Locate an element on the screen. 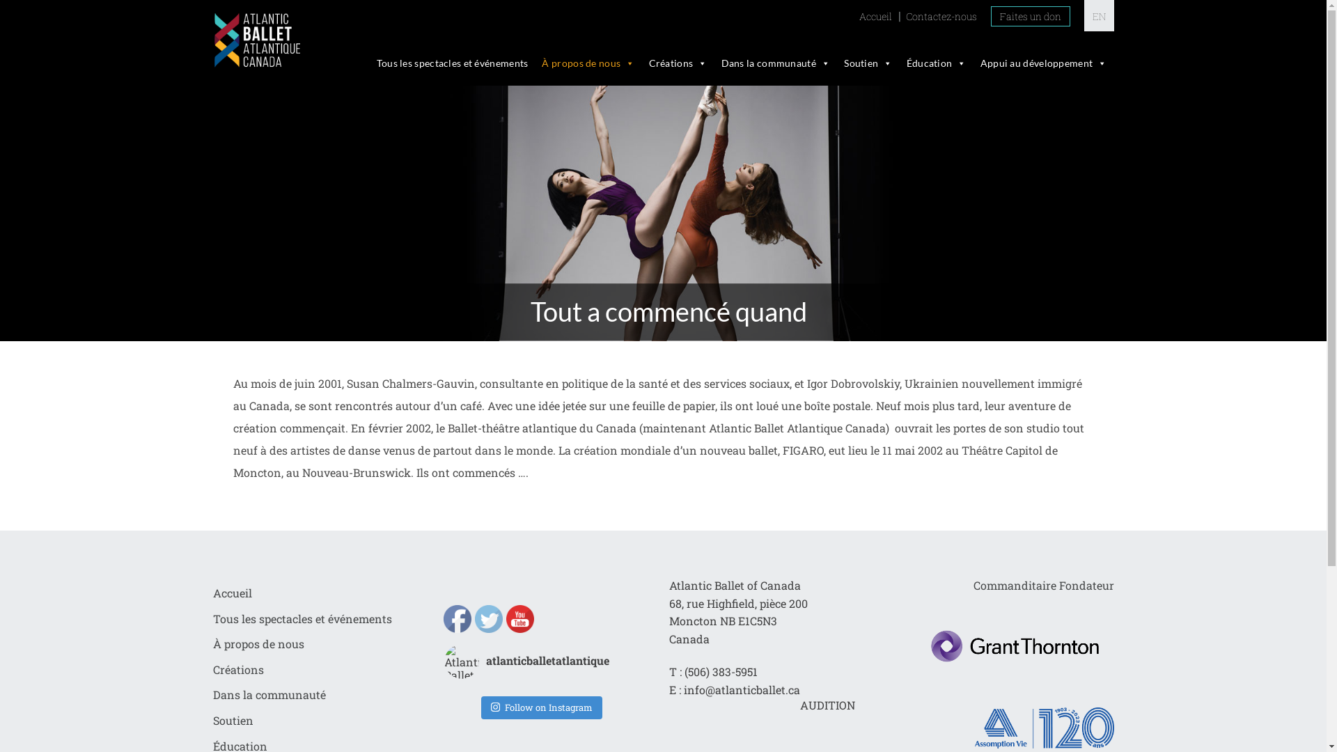 Image resolution: width=1337 pixels, height=752 pixels. 'Twitter' is located at coordinates (488, 618).